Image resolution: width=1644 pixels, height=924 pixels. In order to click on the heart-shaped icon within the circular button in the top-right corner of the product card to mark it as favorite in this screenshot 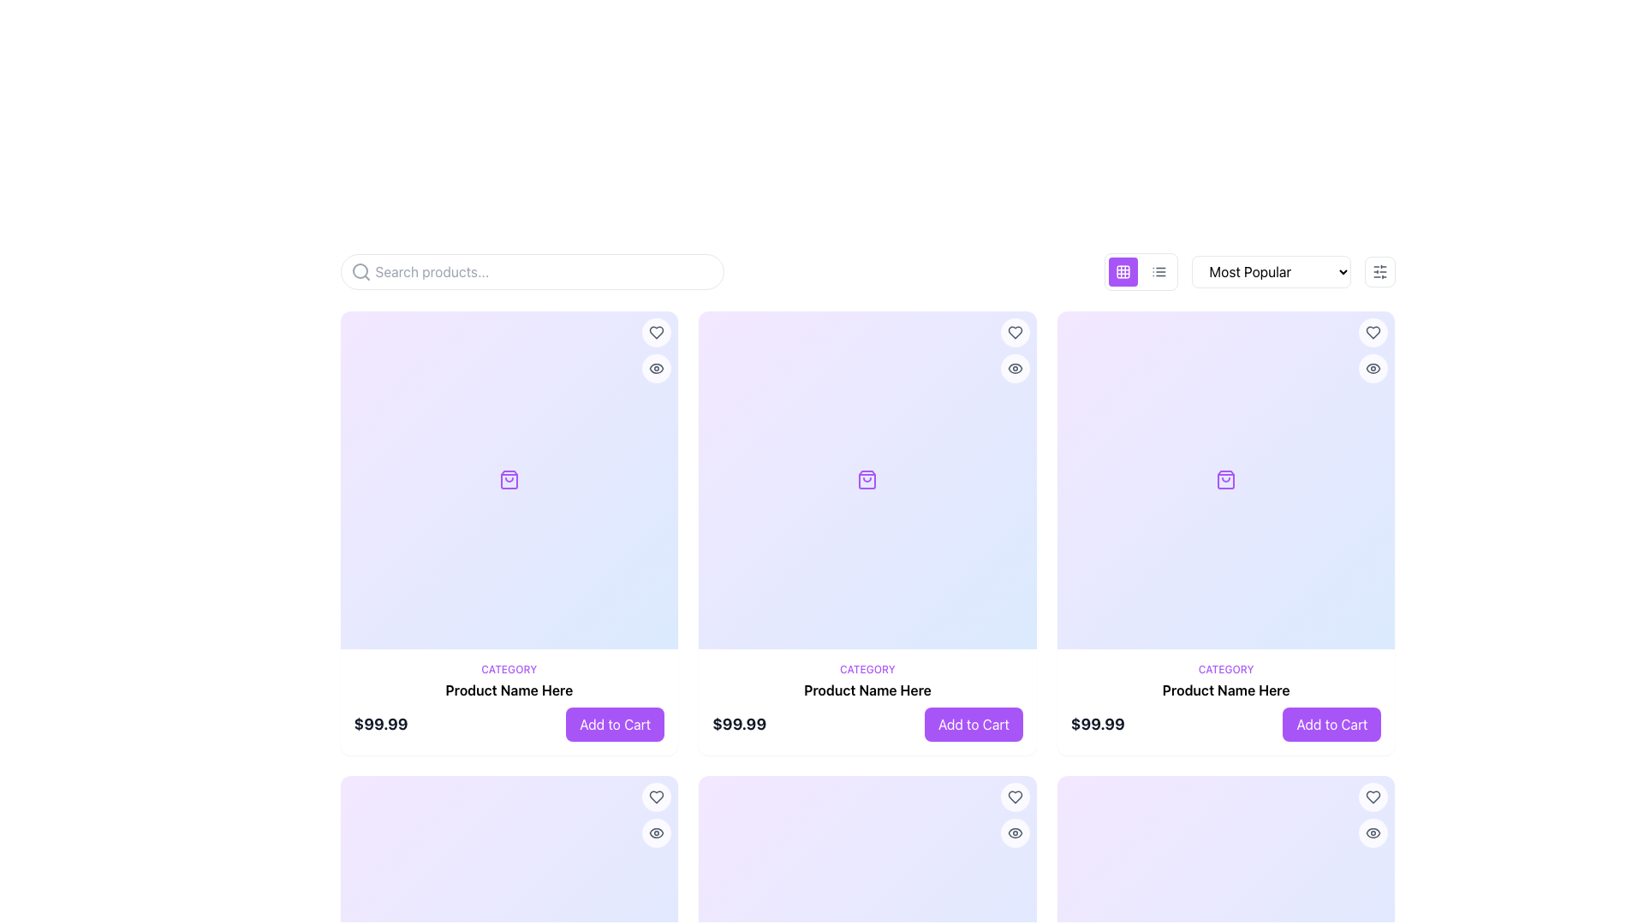, I will do `click(656, 797)`.